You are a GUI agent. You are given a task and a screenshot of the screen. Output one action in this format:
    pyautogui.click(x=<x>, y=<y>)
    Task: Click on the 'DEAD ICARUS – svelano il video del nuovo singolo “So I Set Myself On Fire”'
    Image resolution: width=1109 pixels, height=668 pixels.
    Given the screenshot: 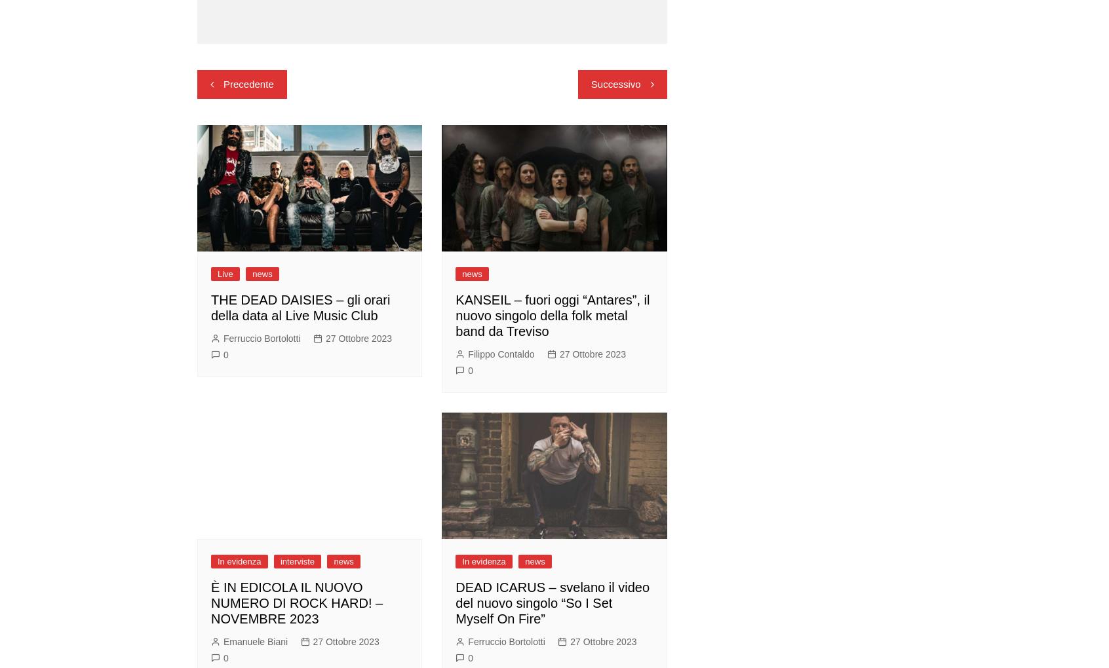 What is the action you would take?
    pyautogui.click(x=552, y=603)
    